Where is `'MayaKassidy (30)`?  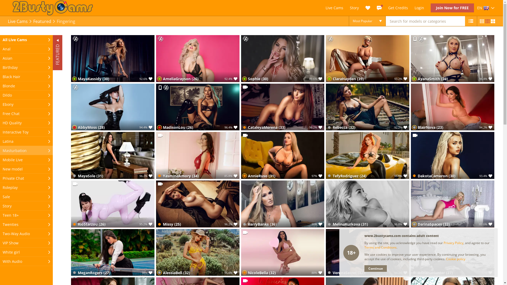 'MayaKassidy (30) is located at coordinates (112, 59).